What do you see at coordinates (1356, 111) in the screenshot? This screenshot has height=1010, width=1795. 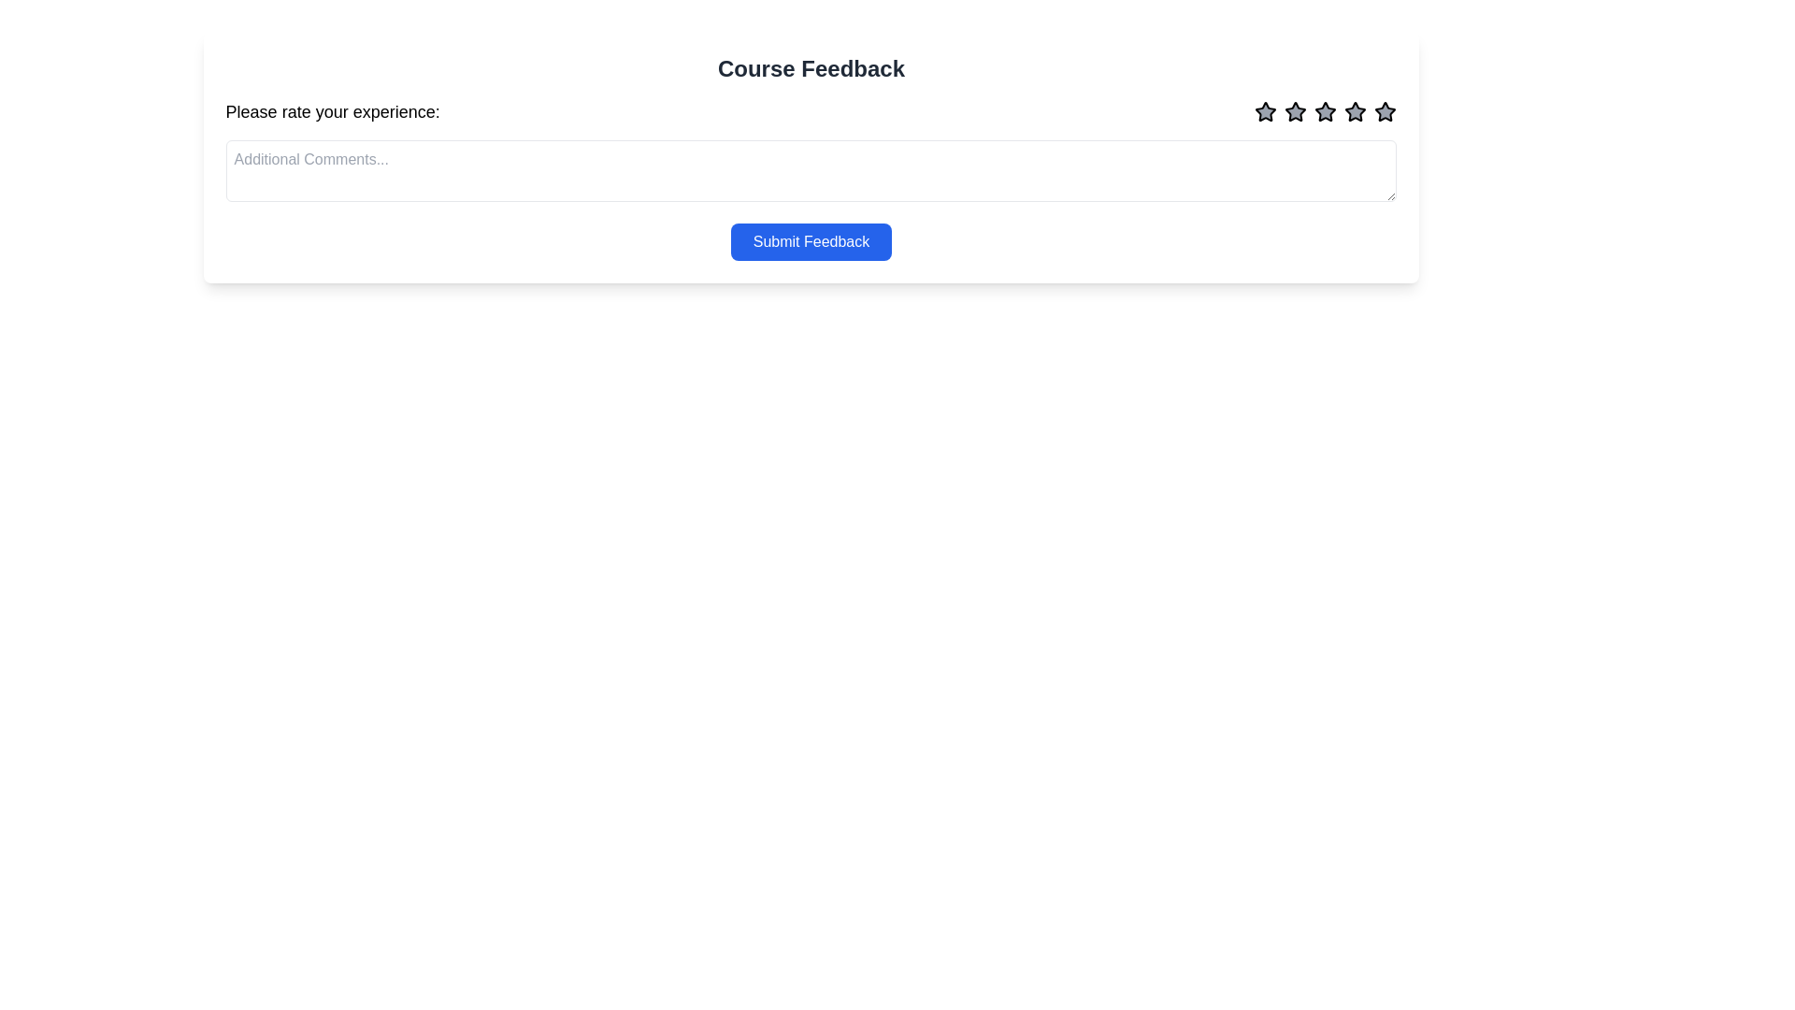 I see `the fourth star icon in the 'Course Feedback' rating system` at bounding box center [1356, 111].